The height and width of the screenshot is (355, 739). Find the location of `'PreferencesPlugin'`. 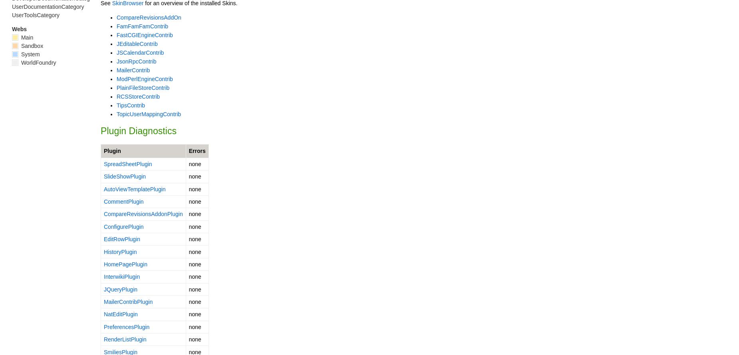

'PreferencesPlugin' is located at coordinates (126, 326).